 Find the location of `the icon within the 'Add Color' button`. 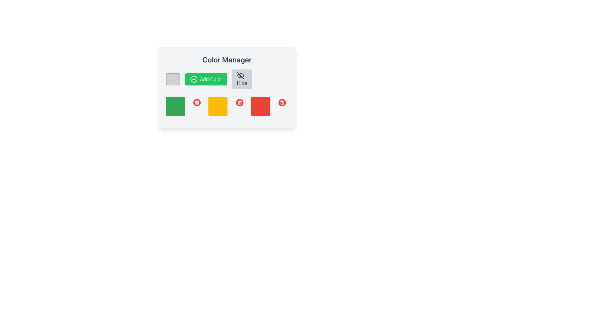

the icon within the 'Add Color' button is located at coordinates (193, 79).